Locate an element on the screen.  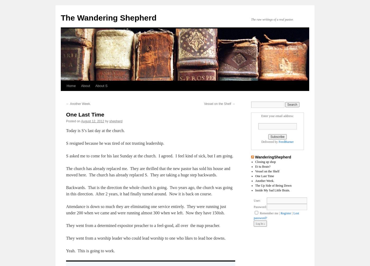
'August 12, 2012' is located at coordinates (92, 121).